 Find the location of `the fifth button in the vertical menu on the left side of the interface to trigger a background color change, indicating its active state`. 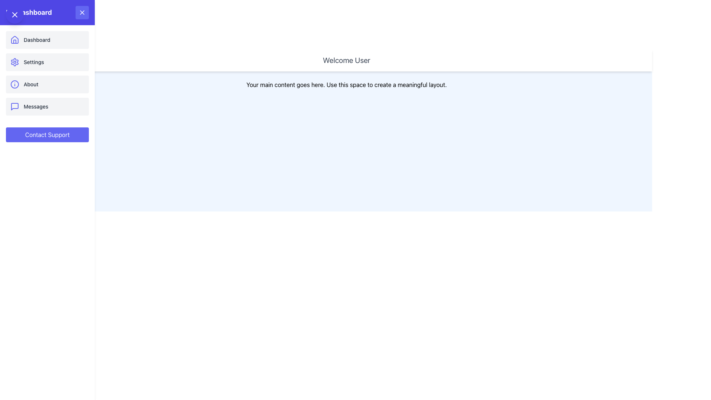

the fifth button in the vertical menu on the left side of the interface to trigger a background color change, indicating its active state is located at coordinates (47, 134).